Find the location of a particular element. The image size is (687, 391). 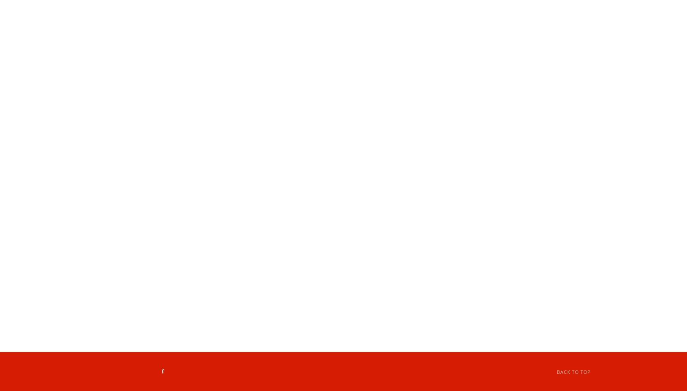

'9“ round pan cut into 16 pieces for $24.00' is located at coordinates (263, 144).